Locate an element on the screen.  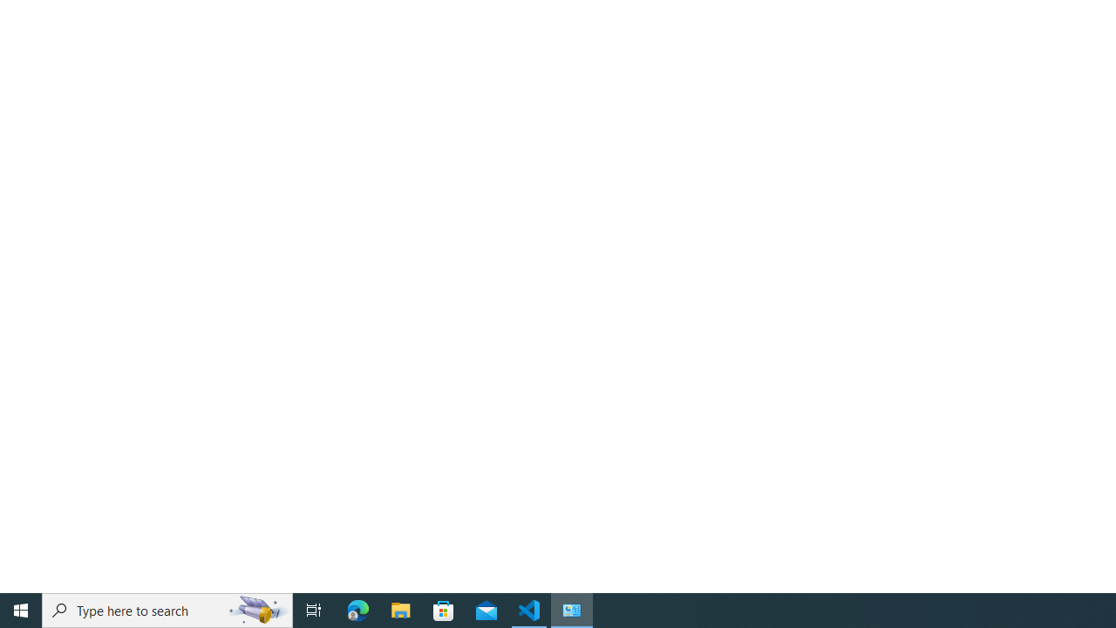
'Task View' is located at coordinates (313, 609).